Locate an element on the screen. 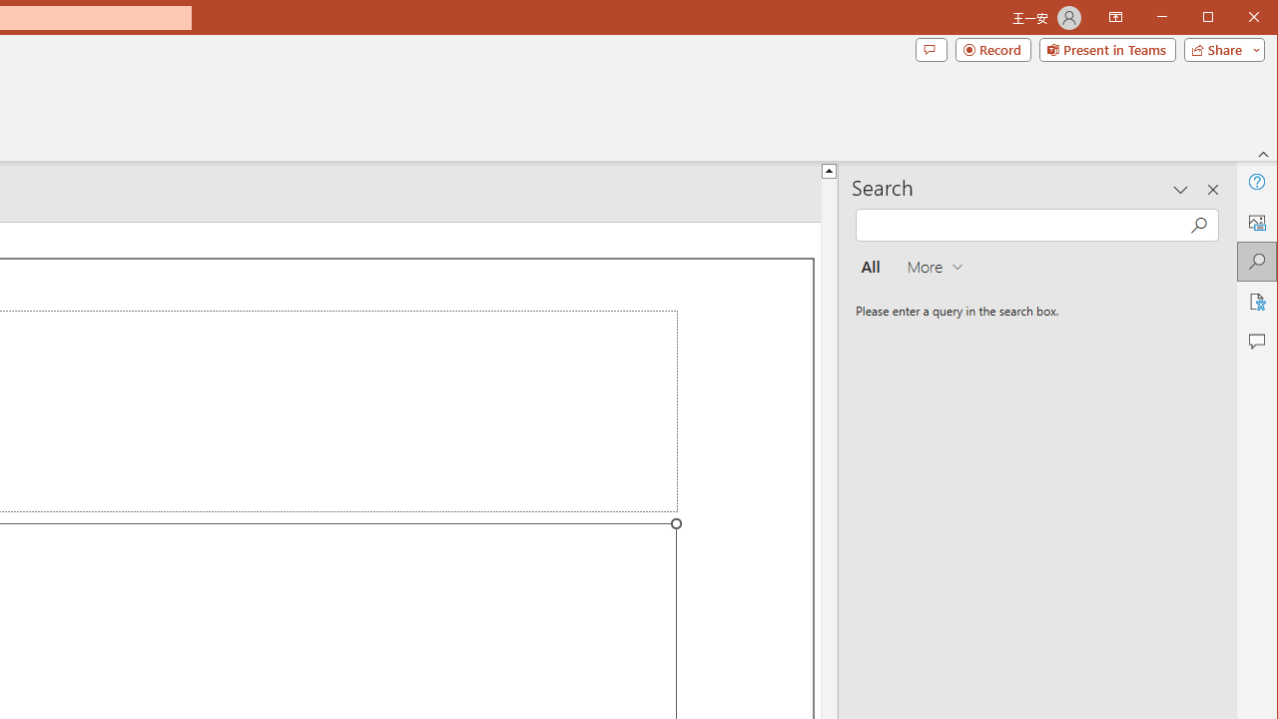 This screenshot has width=1278, height=719. 'Present in Teams' is located at coordinates (1106, 49).